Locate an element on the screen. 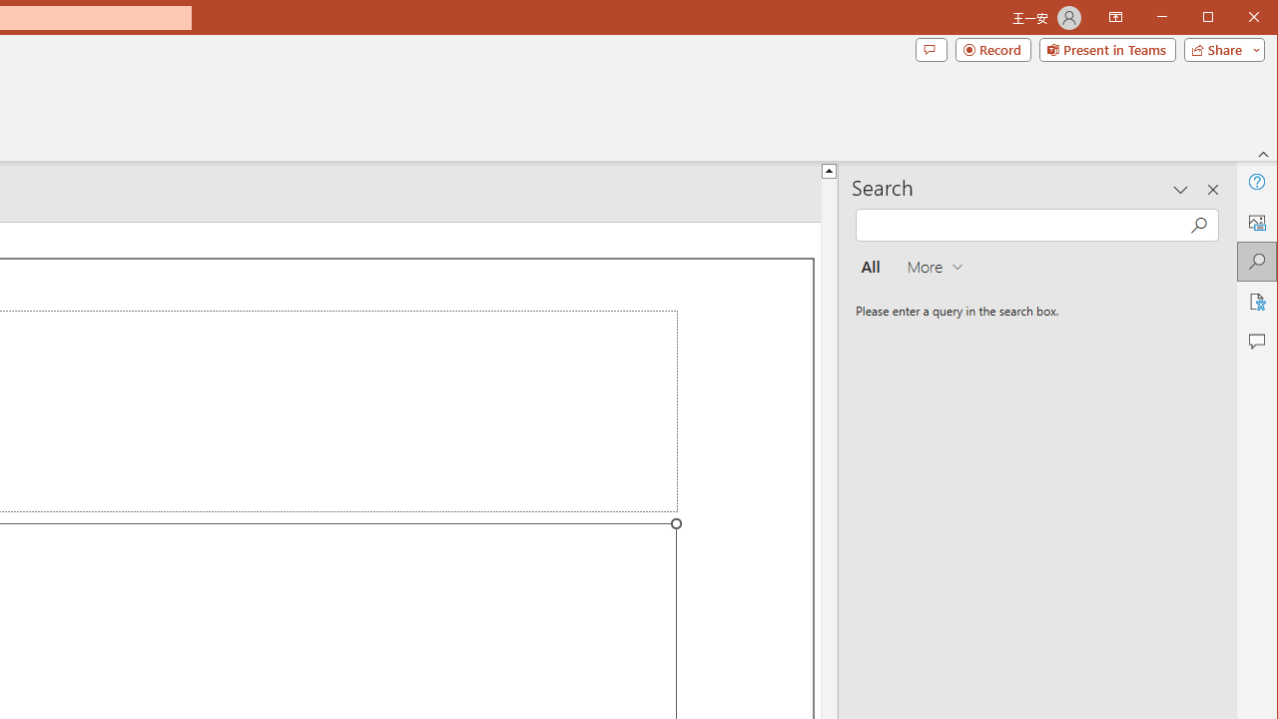 This screenshot has width=1278, height=719. 'Present in Teams' is located at coordinates (1106, 49).